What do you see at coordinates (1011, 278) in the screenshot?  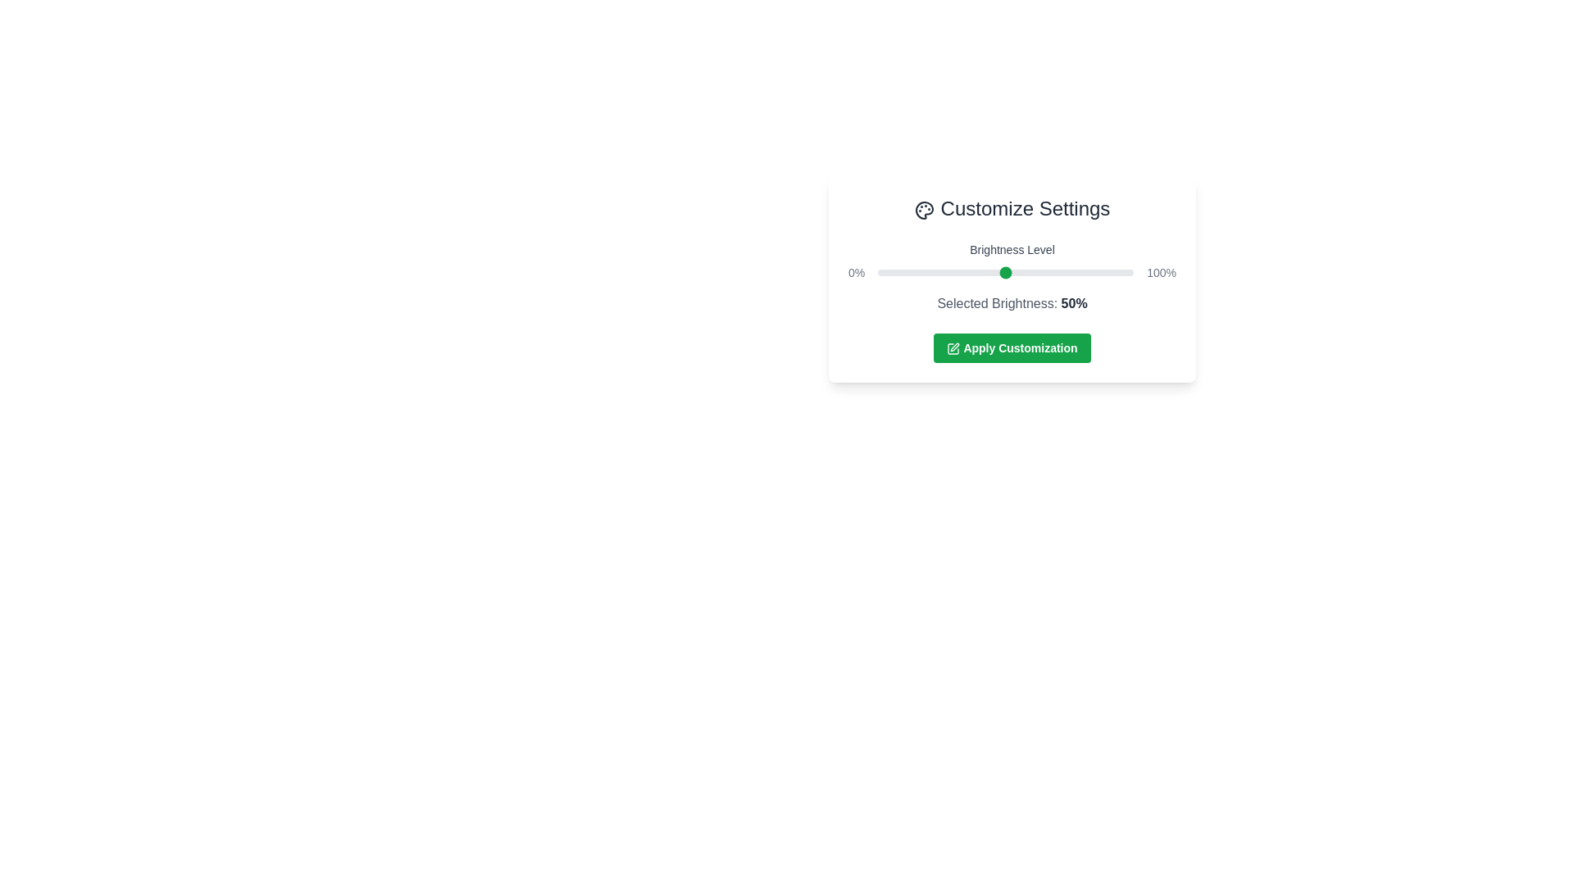 I see `the 'Apply Customization' button in the settings panel to apply the changes` at bounding box center [1011, 278].